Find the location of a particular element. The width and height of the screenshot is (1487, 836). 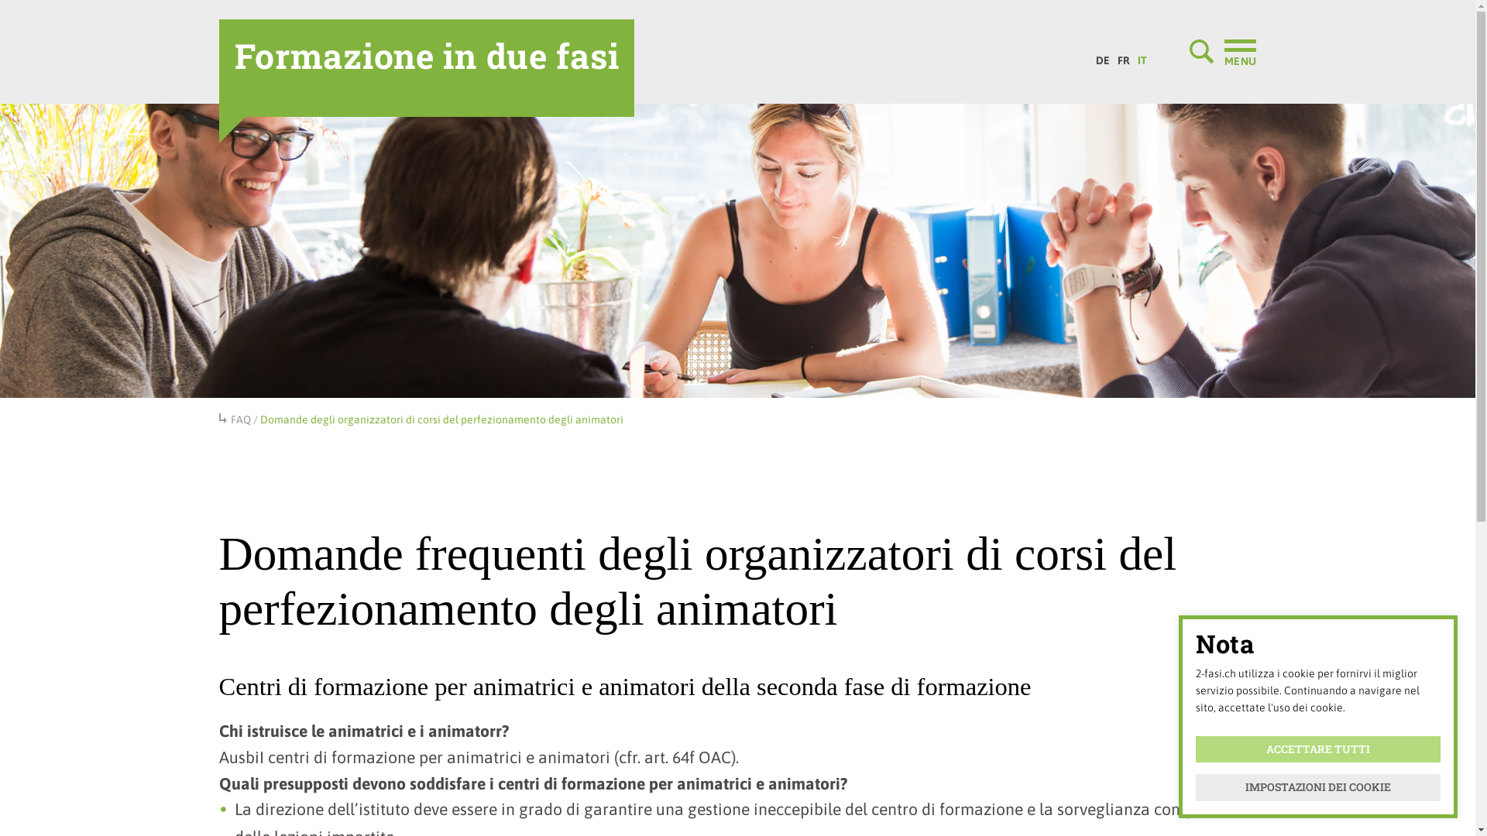

'Formazione in is located at coordinates (426, 67).